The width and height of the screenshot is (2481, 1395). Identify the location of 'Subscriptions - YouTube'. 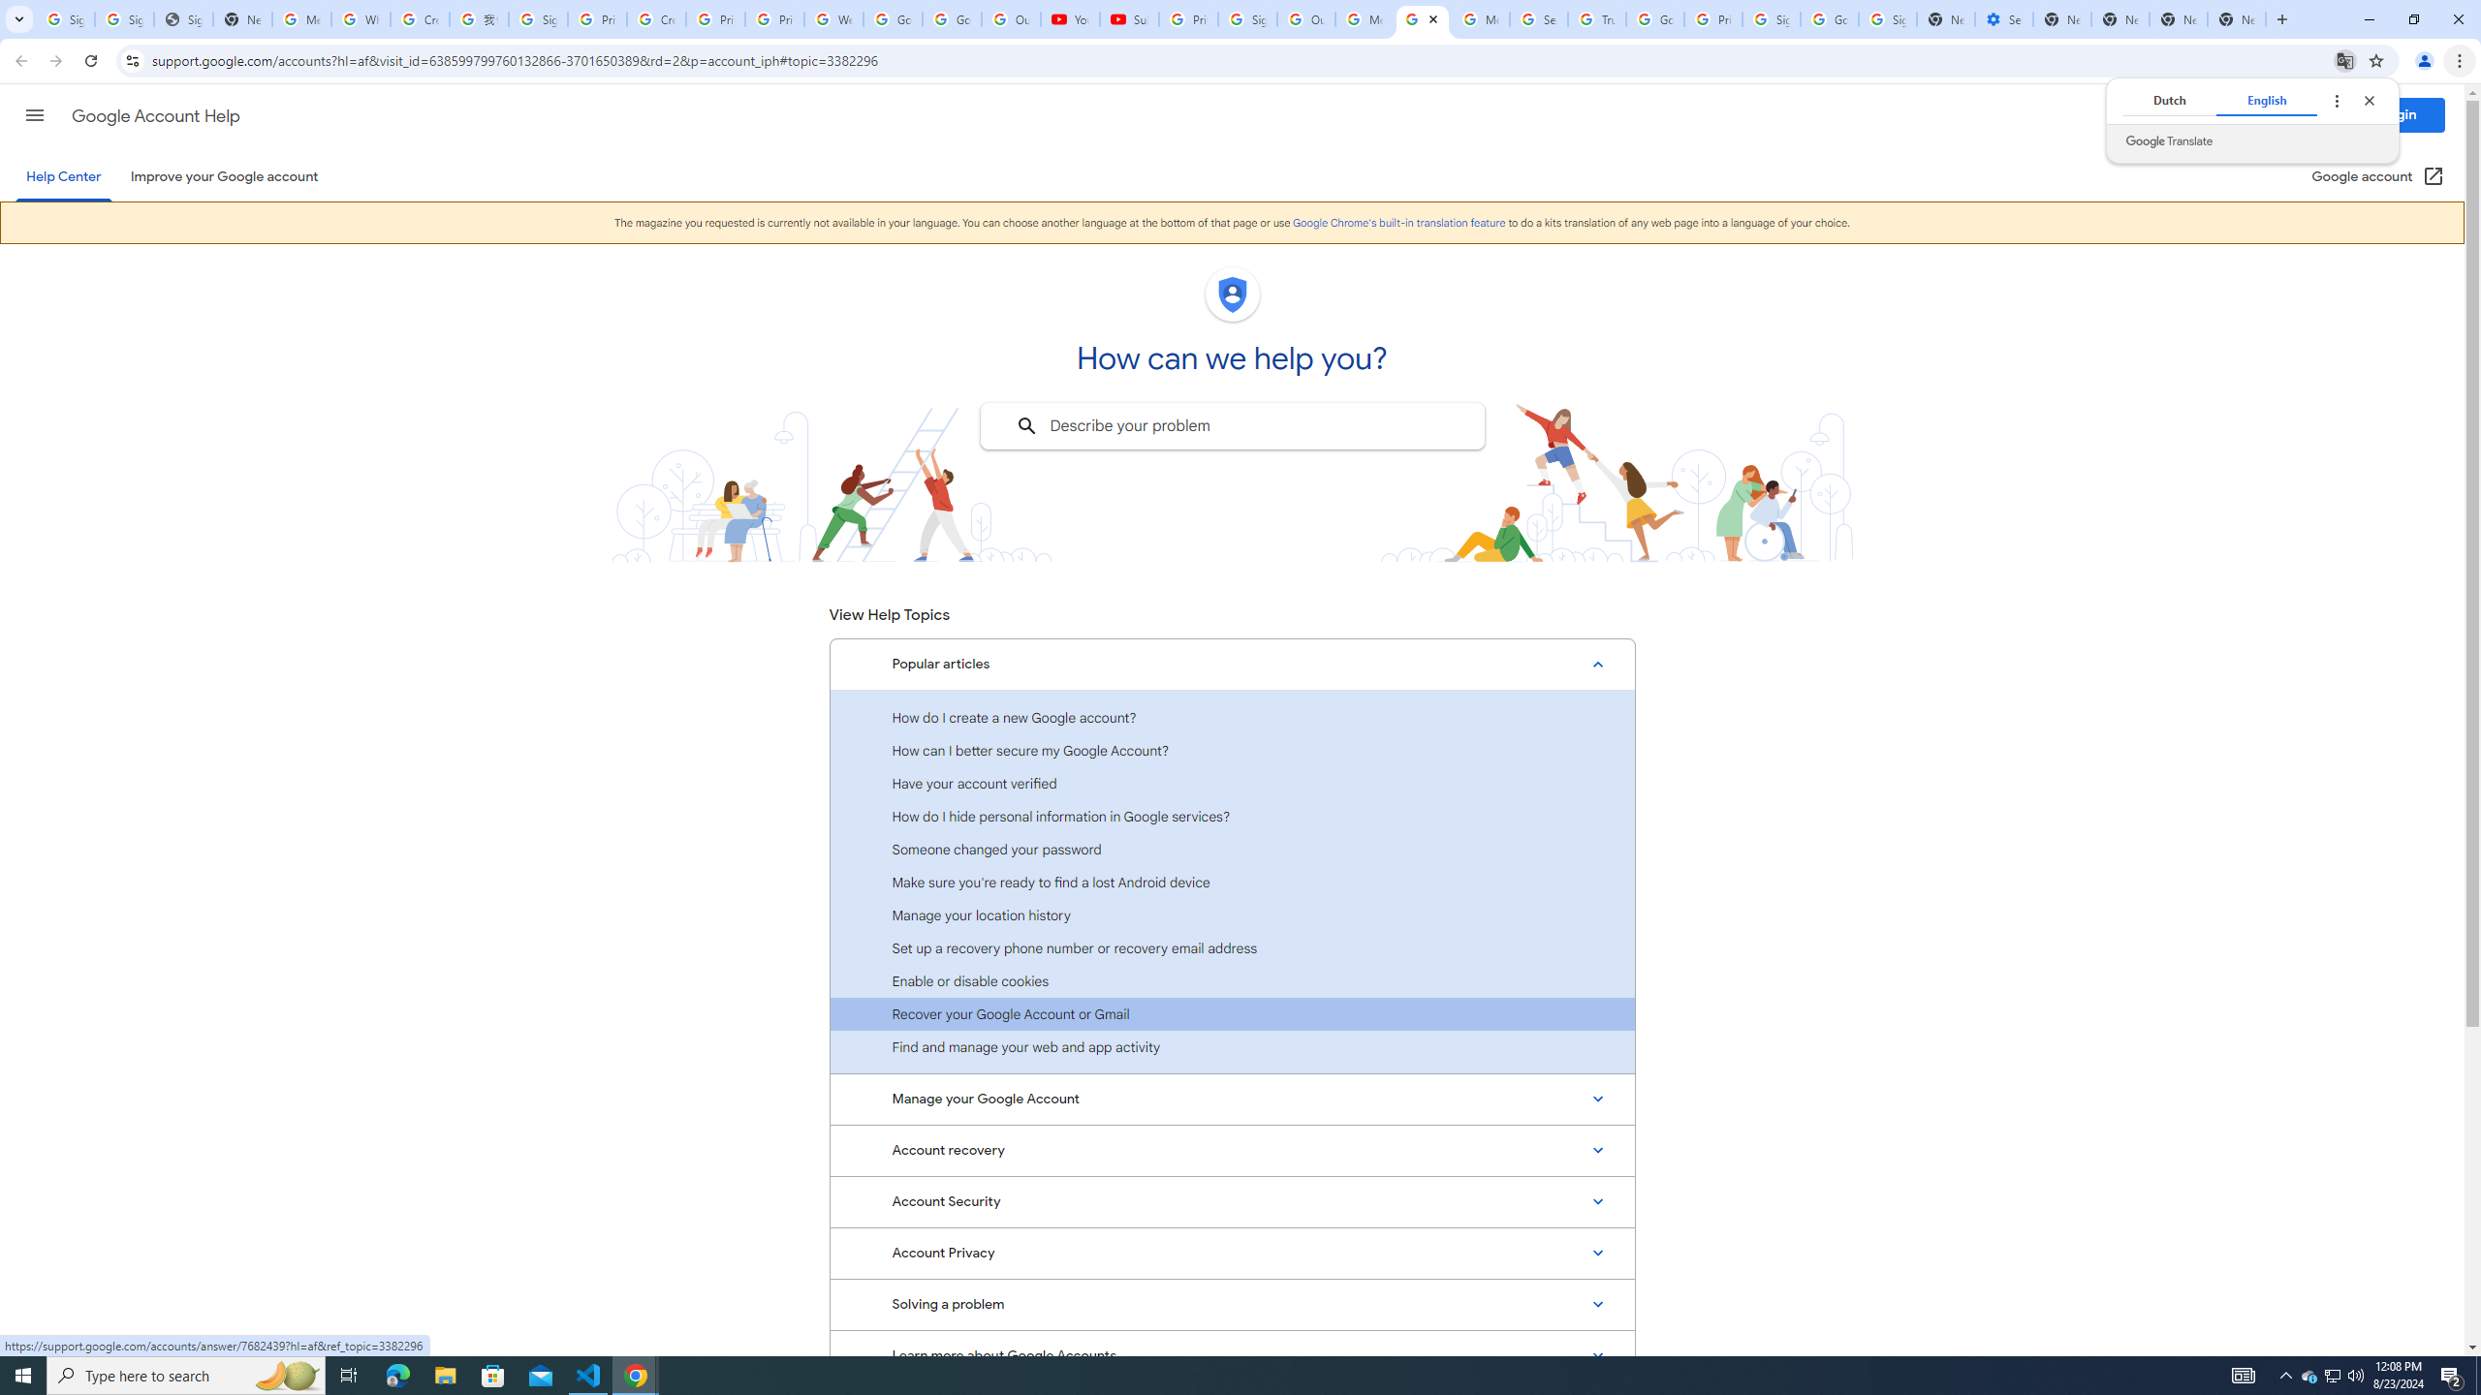
(1129, 18).